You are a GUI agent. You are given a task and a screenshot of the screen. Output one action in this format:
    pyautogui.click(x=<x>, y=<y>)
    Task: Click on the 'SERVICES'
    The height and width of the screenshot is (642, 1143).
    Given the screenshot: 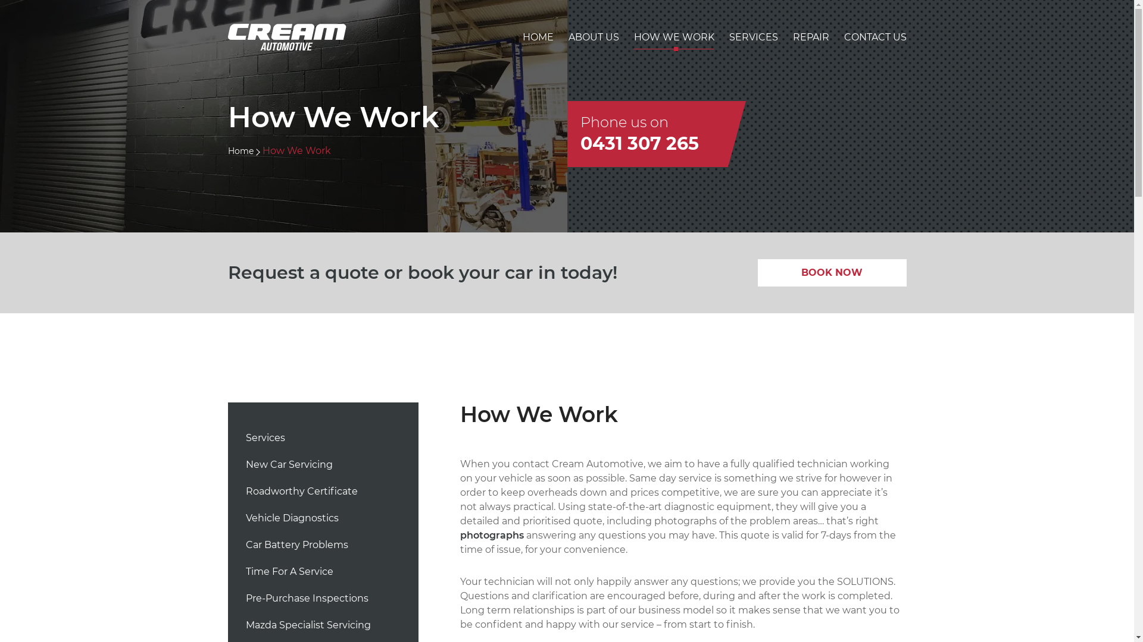 What is the action you would take?
    pyautogui.click(x=752, y=40)
    